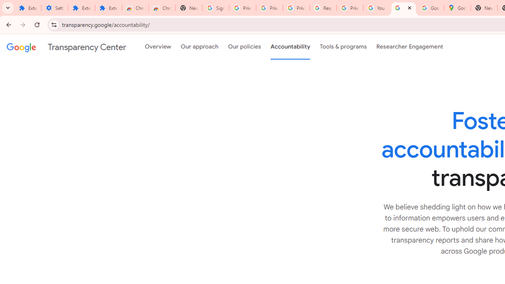  I want to click on 'Chrome Web Store - Themes', so click(162, 8).